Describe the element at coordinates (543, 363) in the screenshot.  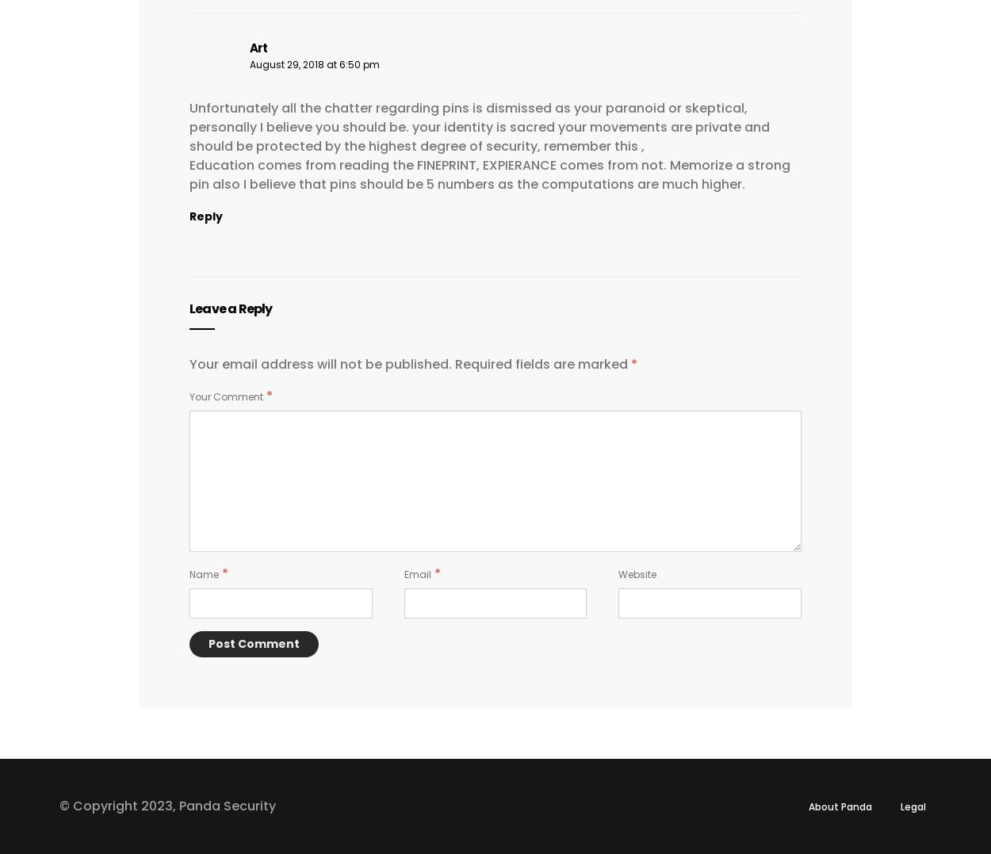
I see `'Required fields are marked'` at that location.